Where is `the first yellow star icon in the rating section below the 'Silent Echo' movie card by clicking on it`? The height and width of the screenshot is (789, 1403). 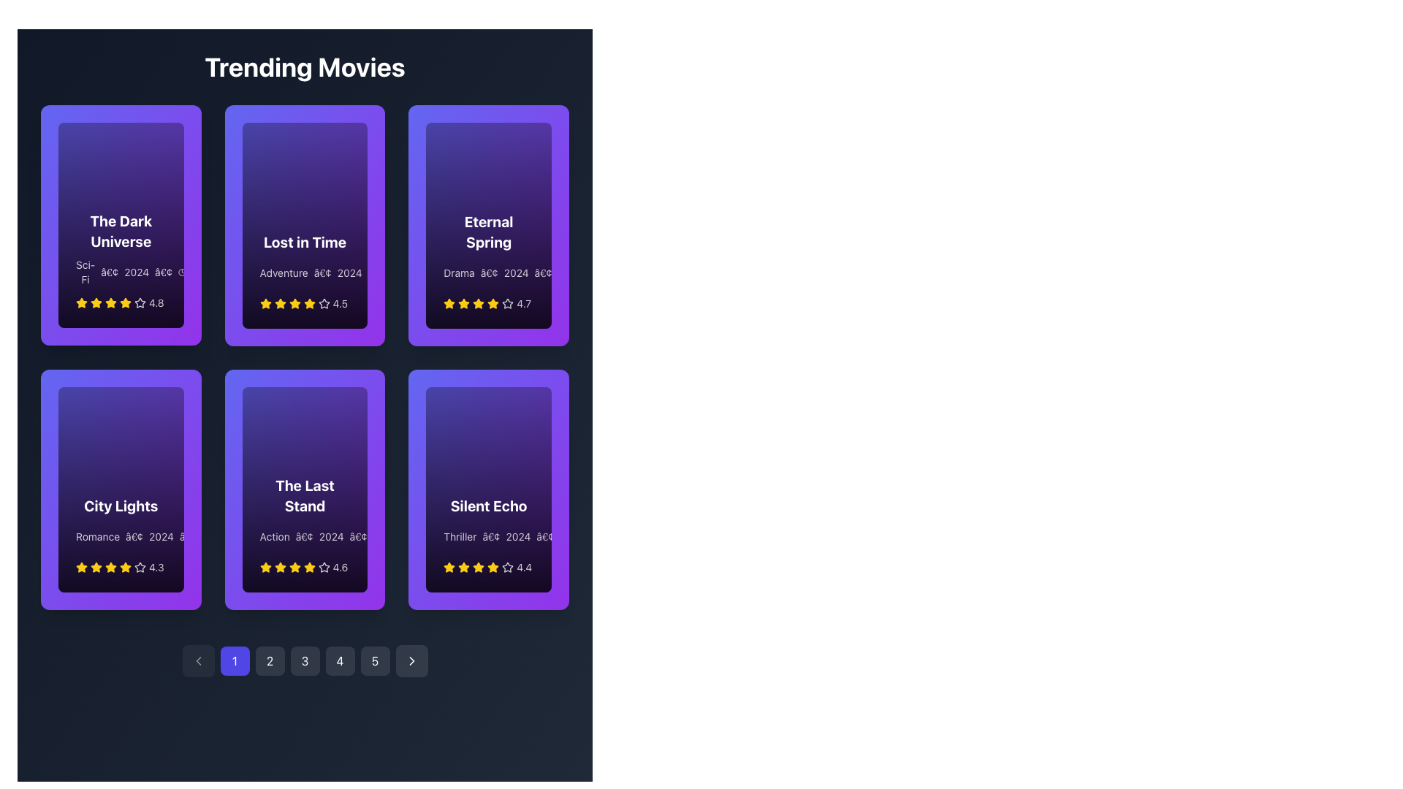
the first yellow star icon in the rating section below the 'Silent Echo' movie card by clicking on it is located at coordinates (463, 566).